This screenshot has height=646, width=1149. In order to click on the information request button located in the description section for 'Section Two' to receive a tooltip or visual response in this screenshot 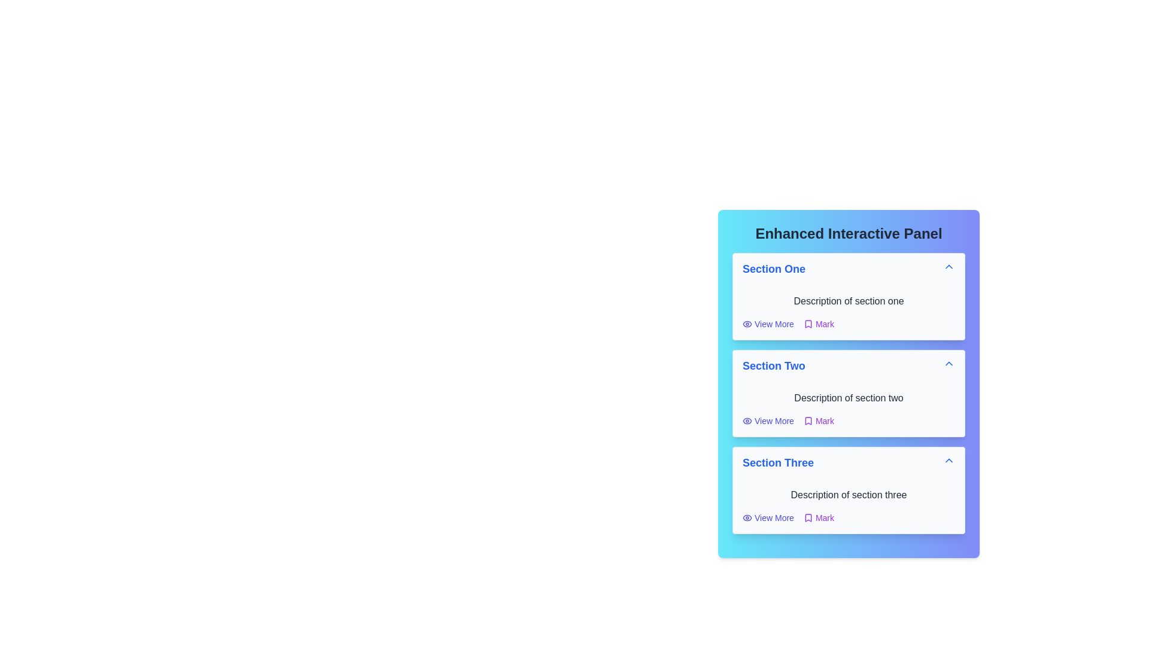, I will do `click(768, 420)`.